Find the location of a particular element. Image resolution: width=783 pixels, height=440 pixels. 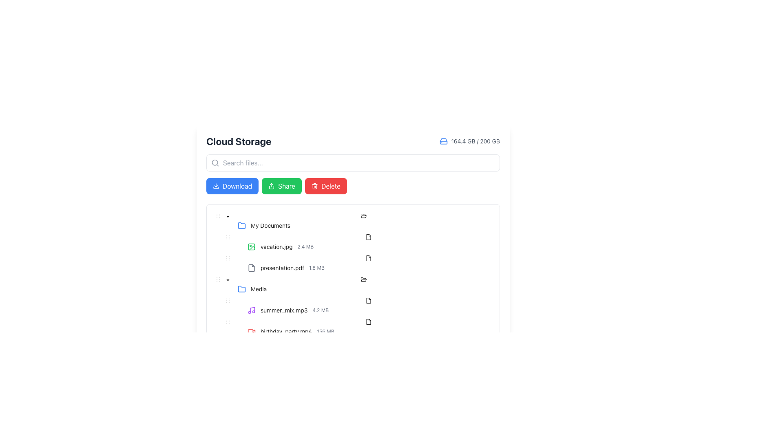

descriptive label associated with the folder icon, which is positioned to the left of the 'Media' label in the tree layout is located at coordinates (363, 279).